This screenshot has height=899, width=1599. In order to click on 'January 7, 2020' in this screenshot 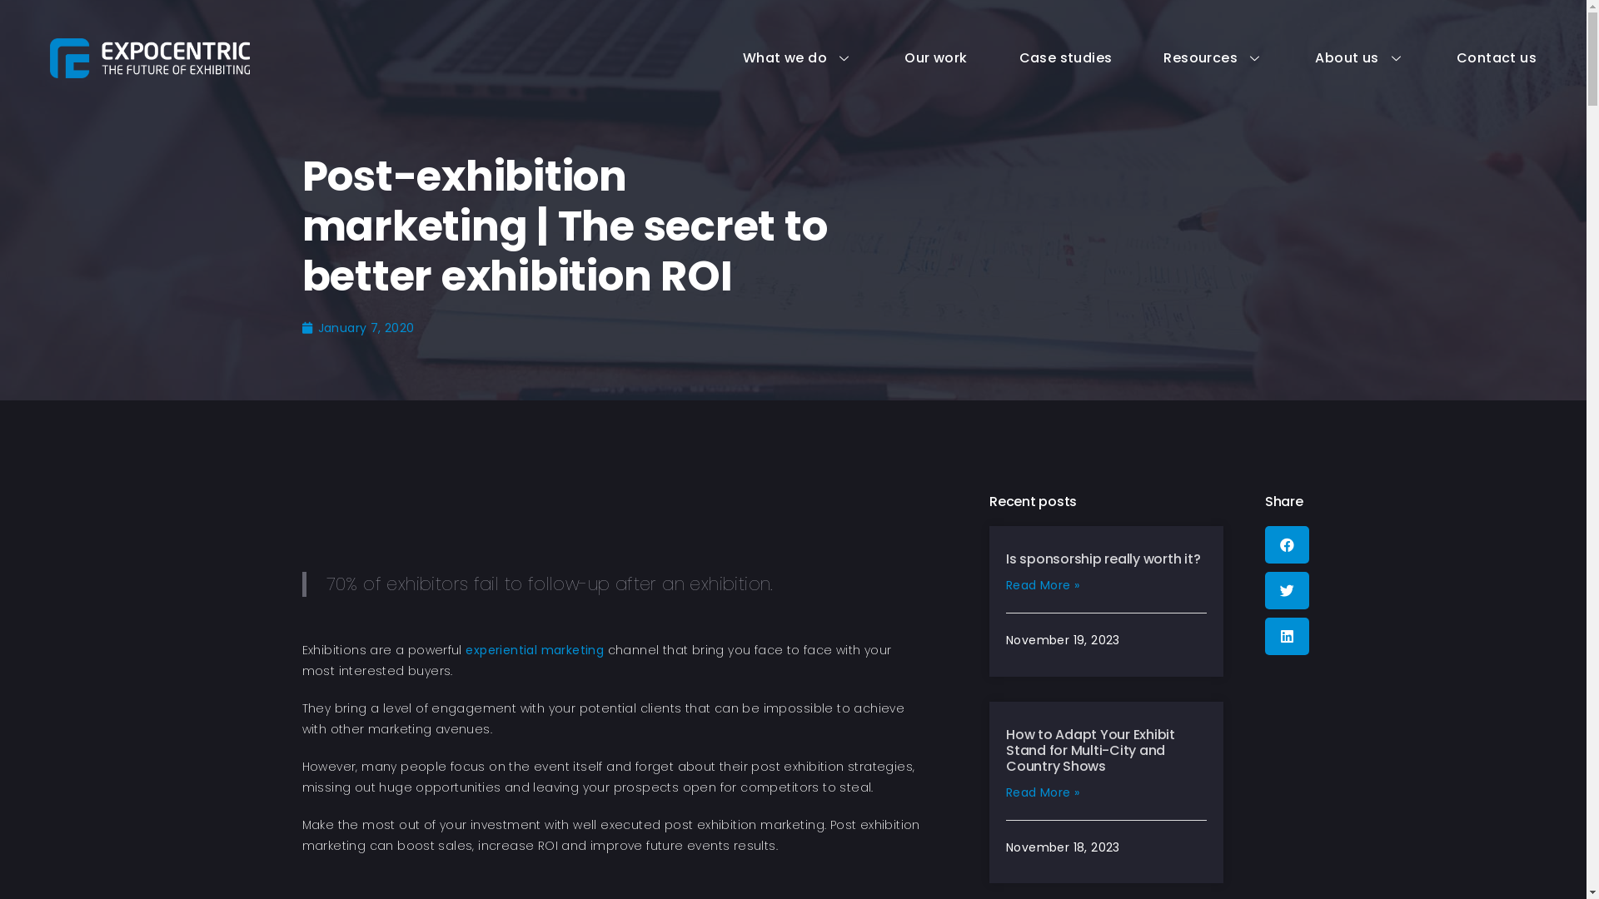, I will do `click(356, 328)`.